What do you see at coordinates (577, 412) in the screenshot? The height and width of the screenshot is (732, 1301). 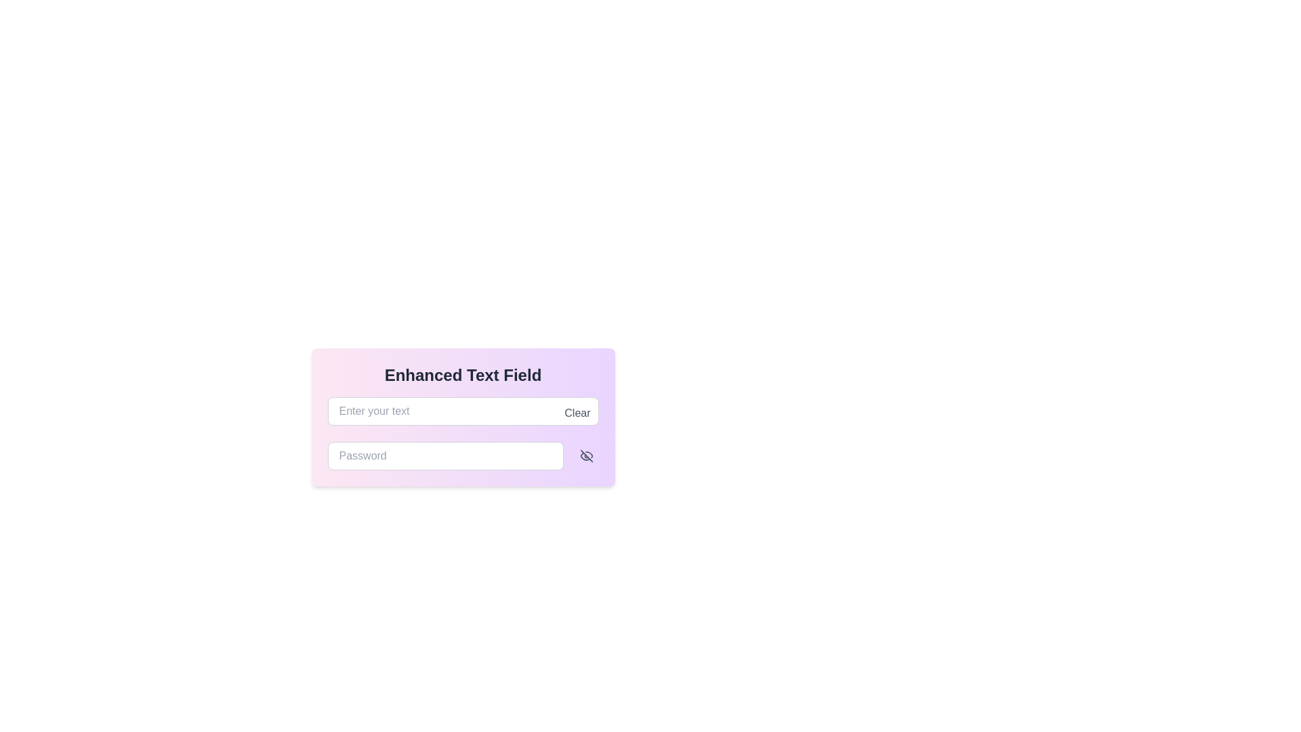 I see `the 'Clear' button, which is a small gray text label located at the top-right corner inside the text entry field` at bounding box center [577, 412].